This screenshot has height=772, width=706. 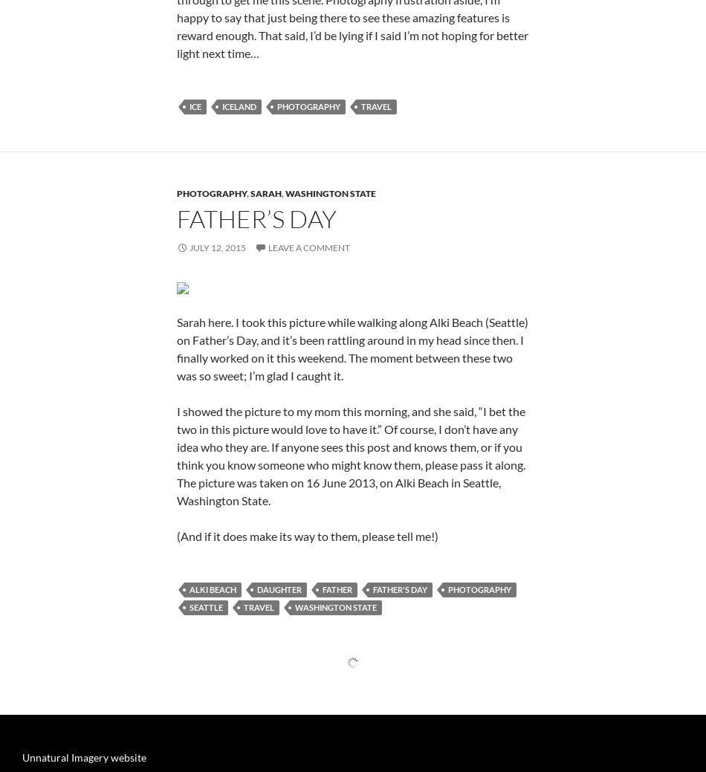 What do you see at coordinates (194, 286) in the screenshot?
I see `'ice'` at bounding box center [194, 286].